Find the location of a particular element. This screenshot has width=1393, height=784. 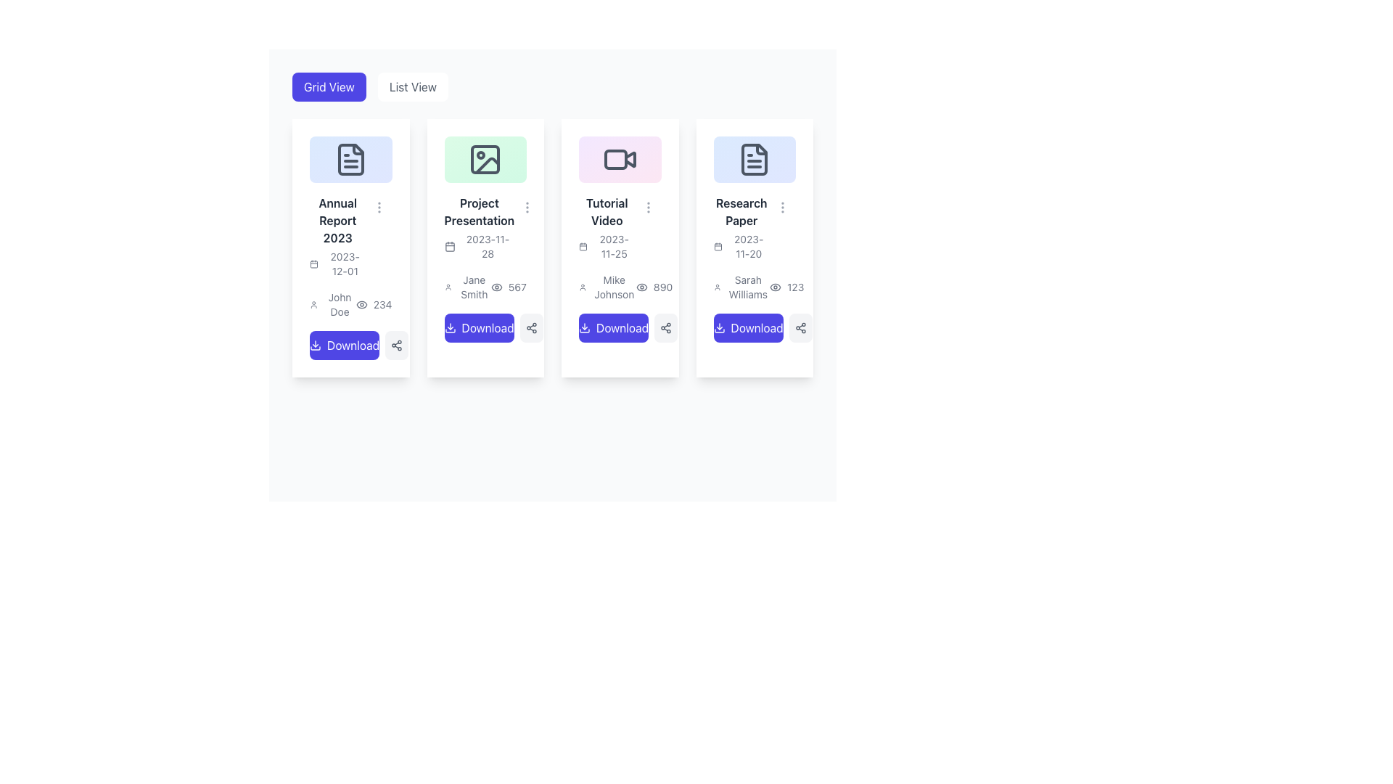

the numeral displayed next to the eye icon in the 'Research Paper' card for user 'Sarah Williams' is located at coordinates (786, 287).